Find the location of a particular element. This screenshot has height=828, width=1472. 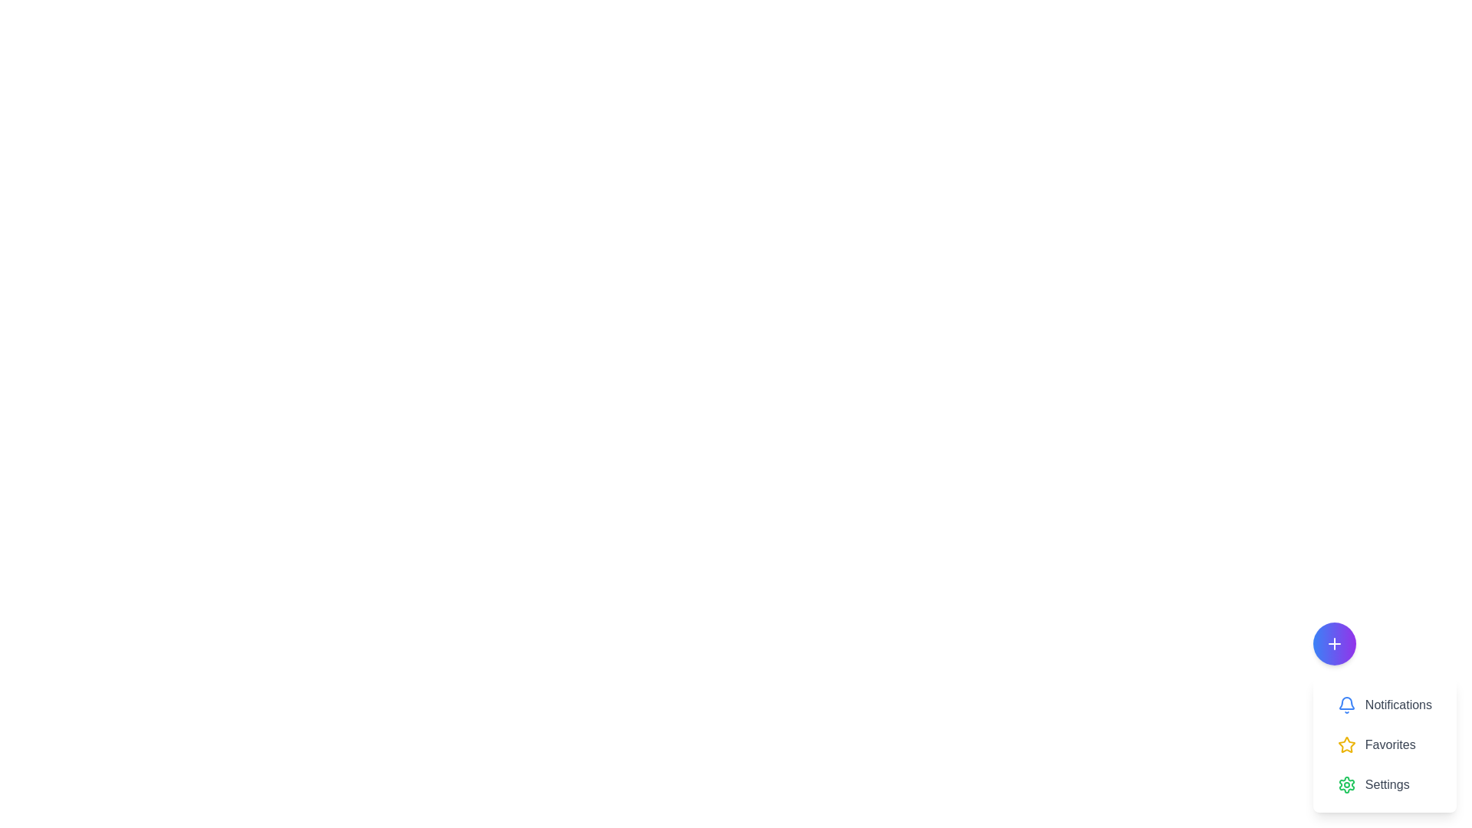

the circular button with a gradient background and a white plus sign (+) is located at coordinates (1333, 644).